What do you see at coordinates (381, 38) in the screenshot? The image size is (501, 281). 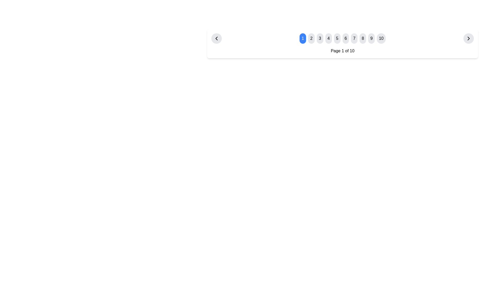 I see `the 10th circular page navigation button` at bounding box center [381, 38].